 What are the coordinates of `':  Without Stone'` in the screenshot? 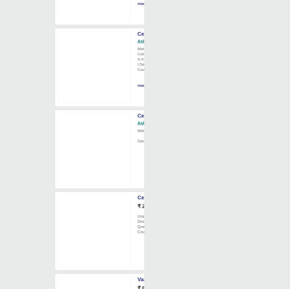 It's located at (176, 59).